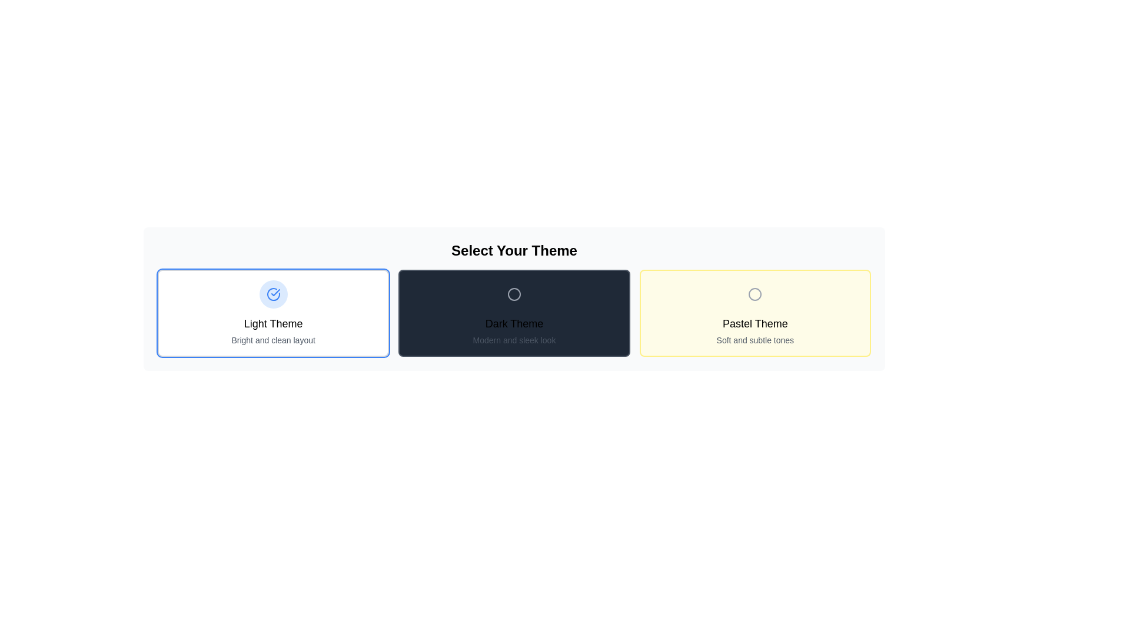 This screenshot has width=1130, height=636. Describe the element at coordinates (272, 294) in the screenshot. I see `the icon that indicates the selection status of the 'Light Theme' option, which is positioned in the top-center of the selection box` at that location.